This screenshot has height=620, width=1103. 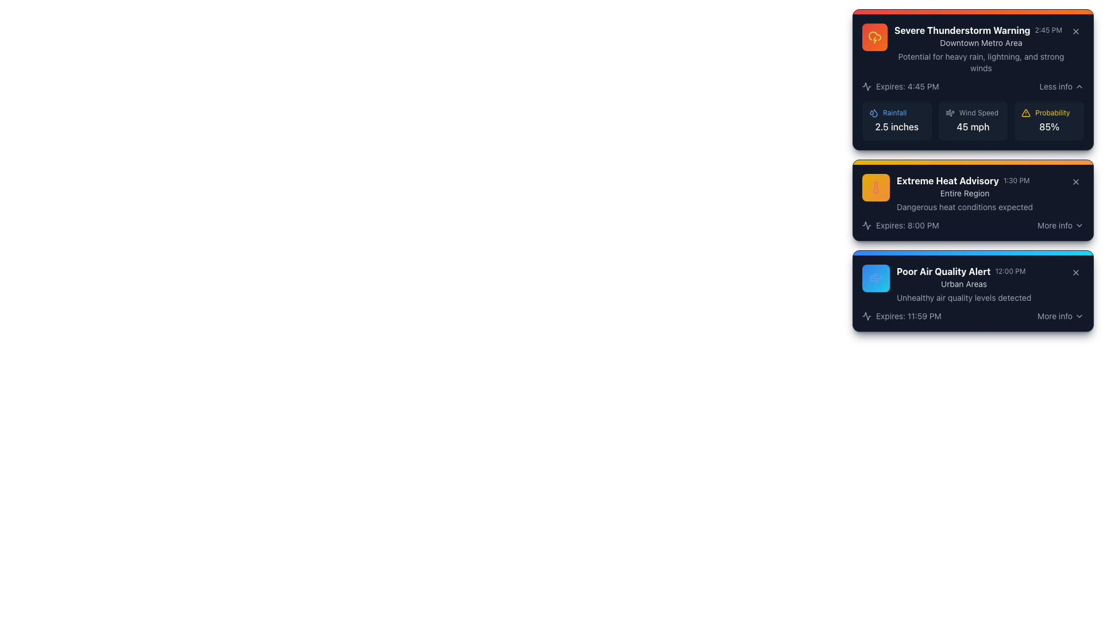 What do you see at coordinates (866, 86) in the screenshot?
I see `the warning icon located at the top-left corner of the first informational card, near the title 'Severe Thunderstorm Warning.'` at bounding box center [866, 86].